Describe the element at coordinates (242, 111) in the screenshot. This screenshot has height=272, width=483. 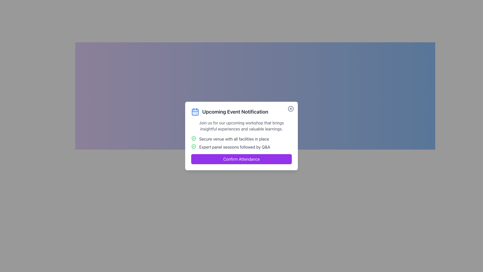
I see `the heading element that states 'Upcoming Event Notification' and features a blue calendar icon on its left, located at the top of a notification card` at that location.